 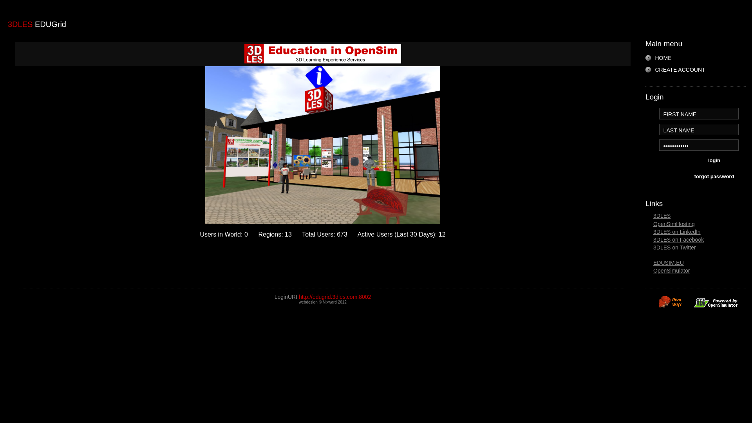 What do you see at coordinates (659, 57) in the screenshot?
I see `'HOME'` at bounding box center [659, 57].